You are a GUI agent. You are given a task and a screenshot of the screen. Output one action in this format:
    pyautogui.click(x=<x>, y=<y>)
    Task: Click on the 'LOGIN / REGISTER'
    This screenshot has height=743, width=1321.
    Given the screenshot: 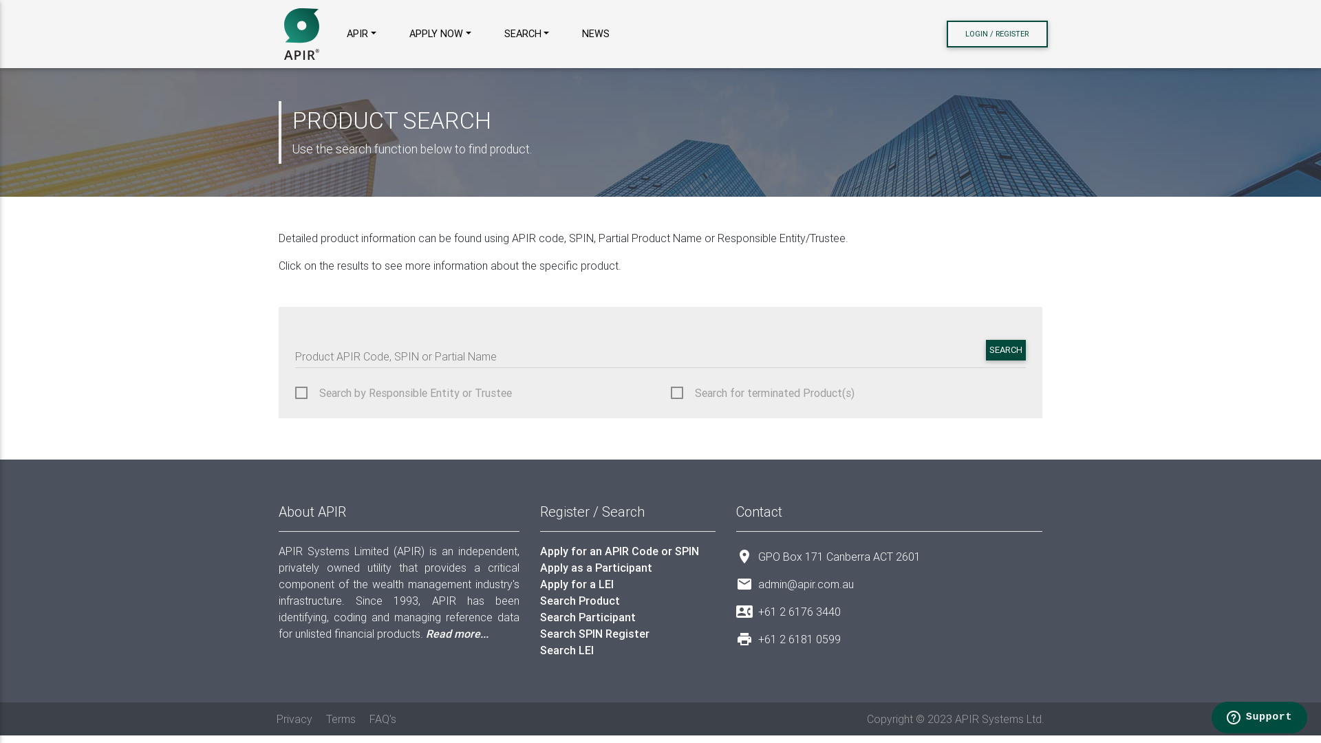 What is the action you would take?
    pyautogui.click(x=946, y=33)
    